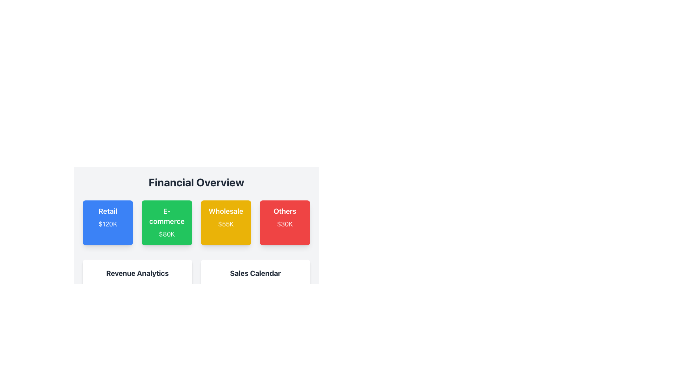 Image resolution: width=694 pixels, height=390 pixels. What do you see at coordinates (107, 224) in the screenshot?
I see `the text label displaying '$120K' located below the title 'Retail' in the blue background section` at bounding box center [107, 224].